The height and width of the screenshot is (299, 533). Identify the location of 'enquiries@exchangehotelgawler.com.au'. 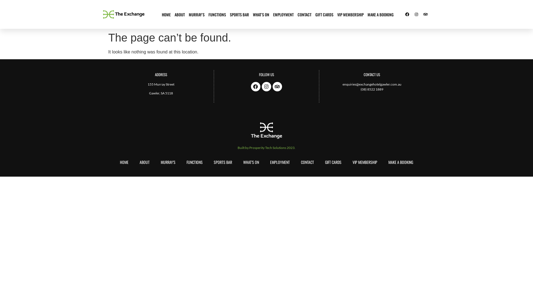
(342, 84).